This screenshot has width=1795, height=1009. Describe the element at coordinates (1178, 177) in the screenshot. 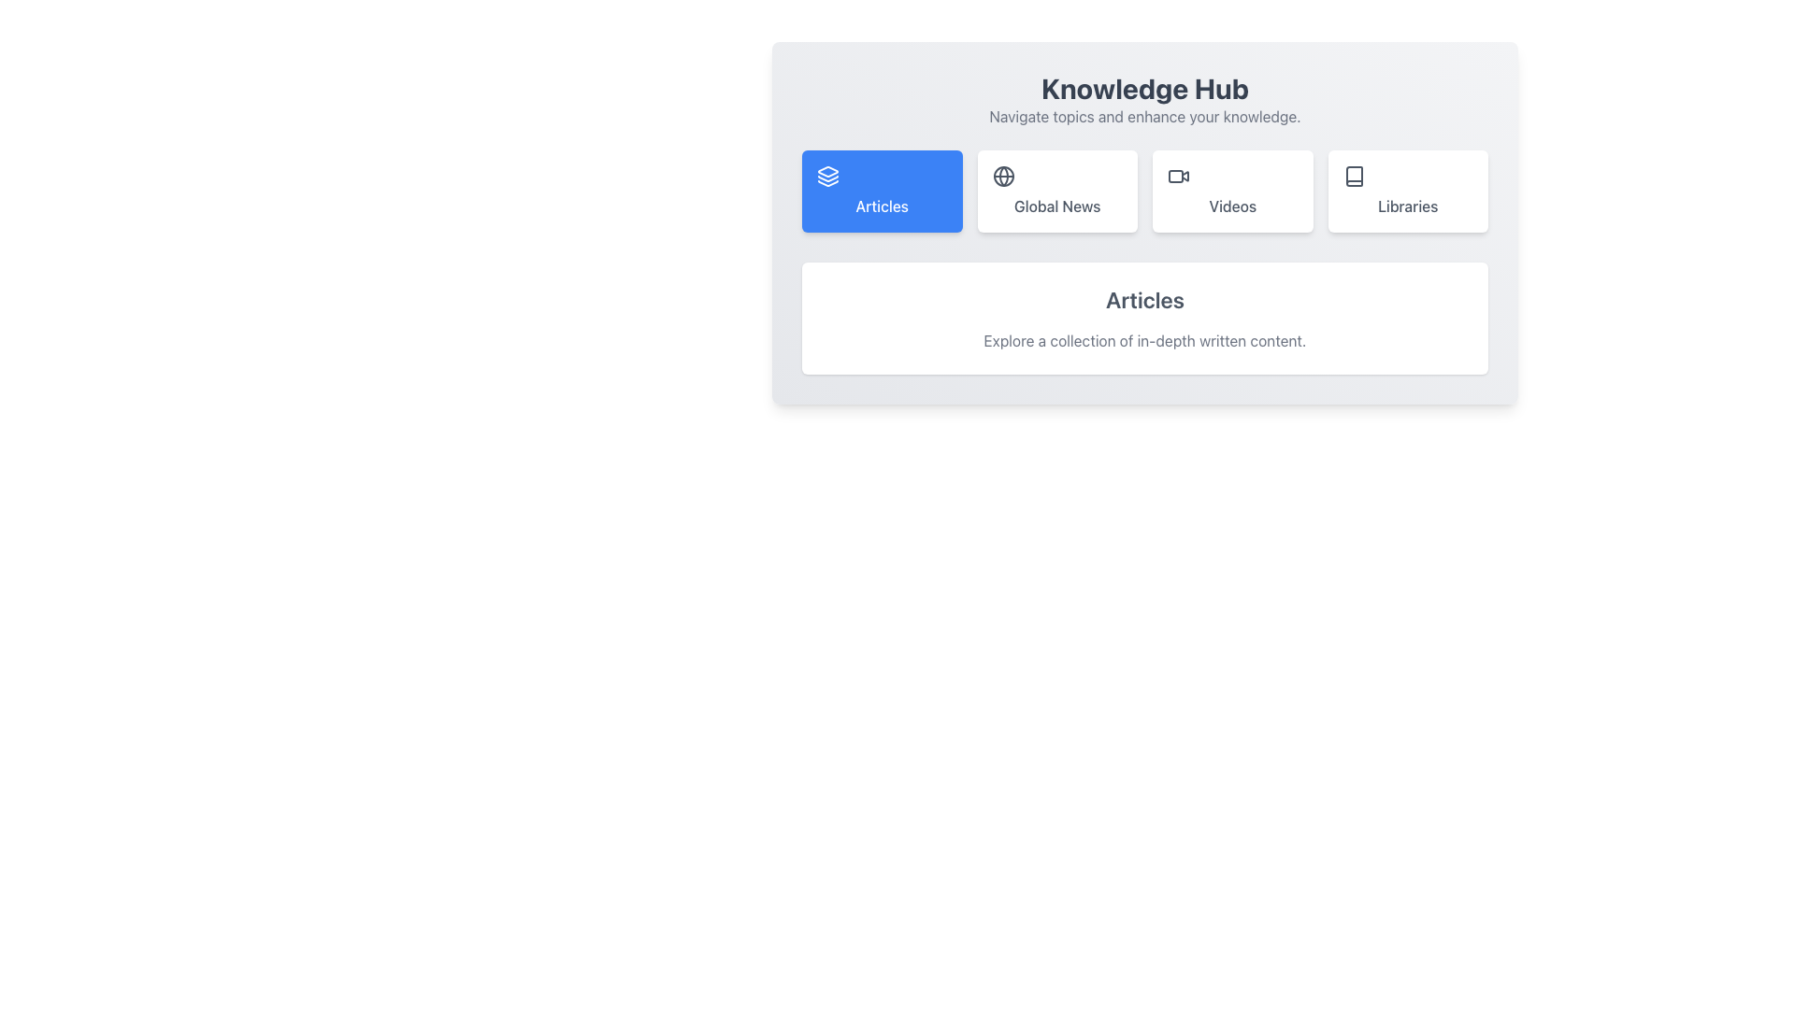

I see `the video camera icon located within the 'Videos' button, which is part of the button row beneath the 'Knowledge Hub' heading` at that location.